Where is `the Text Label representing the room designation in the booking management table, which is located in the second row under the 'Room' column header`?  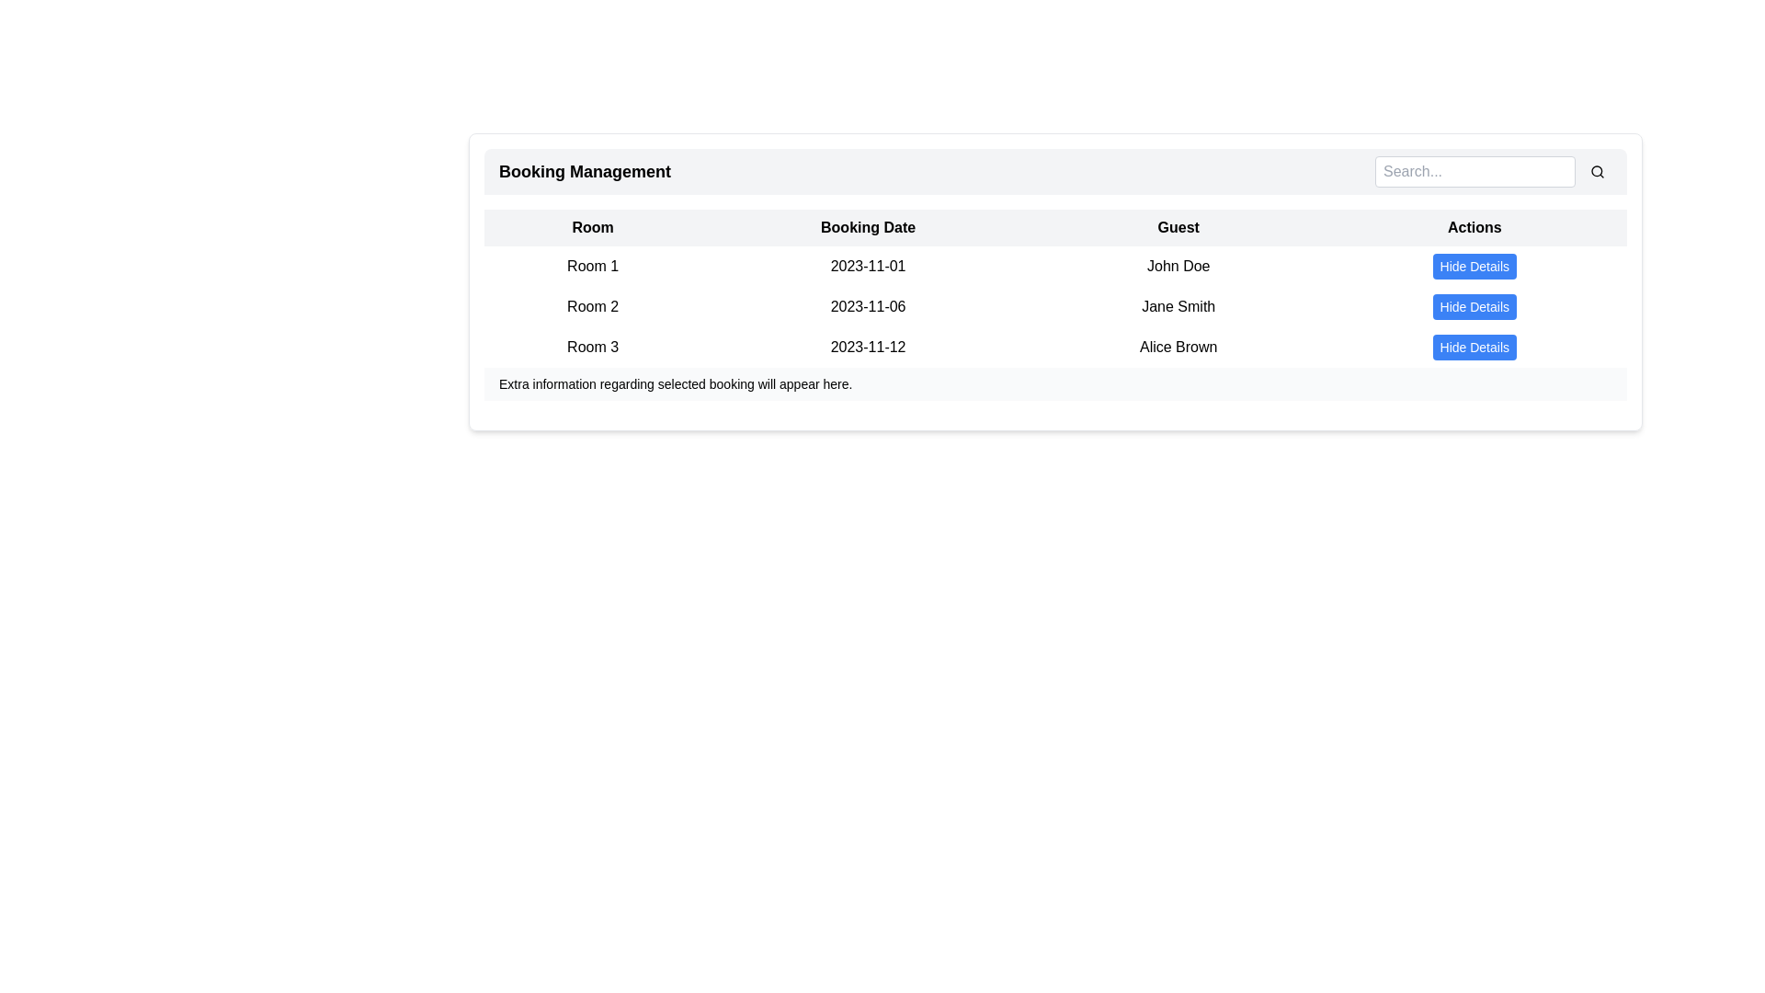 the Text Label representing the room designation in the booking management table, which is located in the second row under the 'Room' column header is located at coordinates (593, 306).